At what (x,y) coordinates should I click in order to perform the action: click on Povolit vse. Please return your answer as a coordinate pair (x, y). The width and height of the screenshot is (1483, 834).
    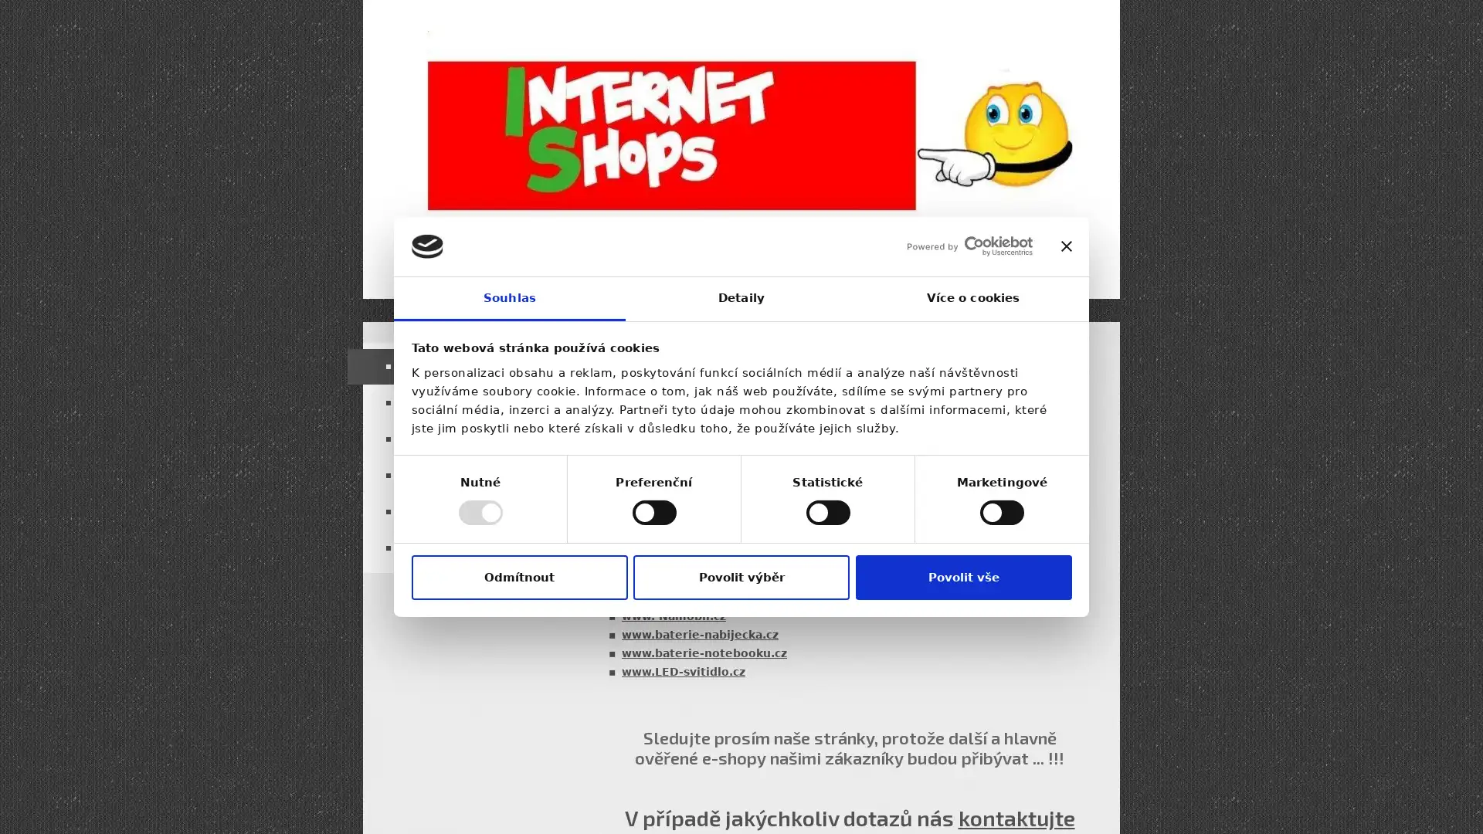
    Looking at the image, I should click on (962, 577).